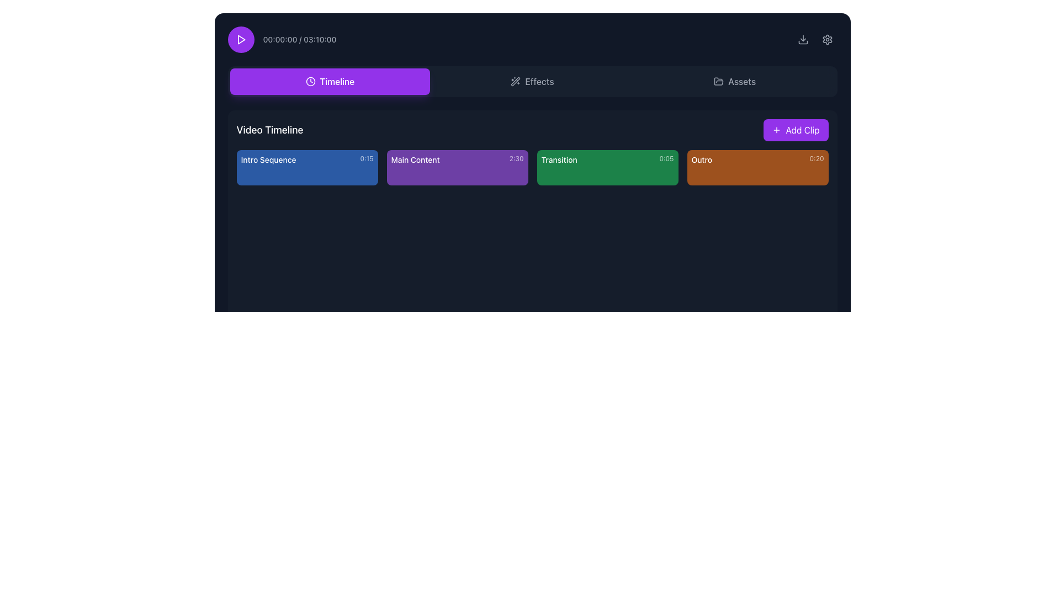 Image resolution: width=1060 pixels, height=596 pixels. What do you see at coordinates (757, 159) in the screenshot?
I see `the orange horizontal bar labeled 'Outro' with the timestamp '0:20' to focus or select it` at bounding box center [757, 159].